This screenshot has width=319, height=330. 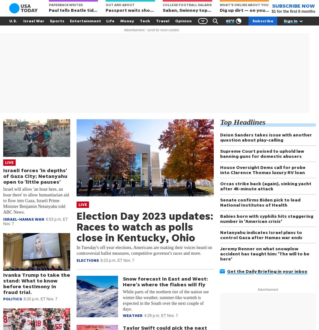 I want to click on 'Supreme Court poised to uphold law banning guns for domestic abusers', so click(x=262, y=153).